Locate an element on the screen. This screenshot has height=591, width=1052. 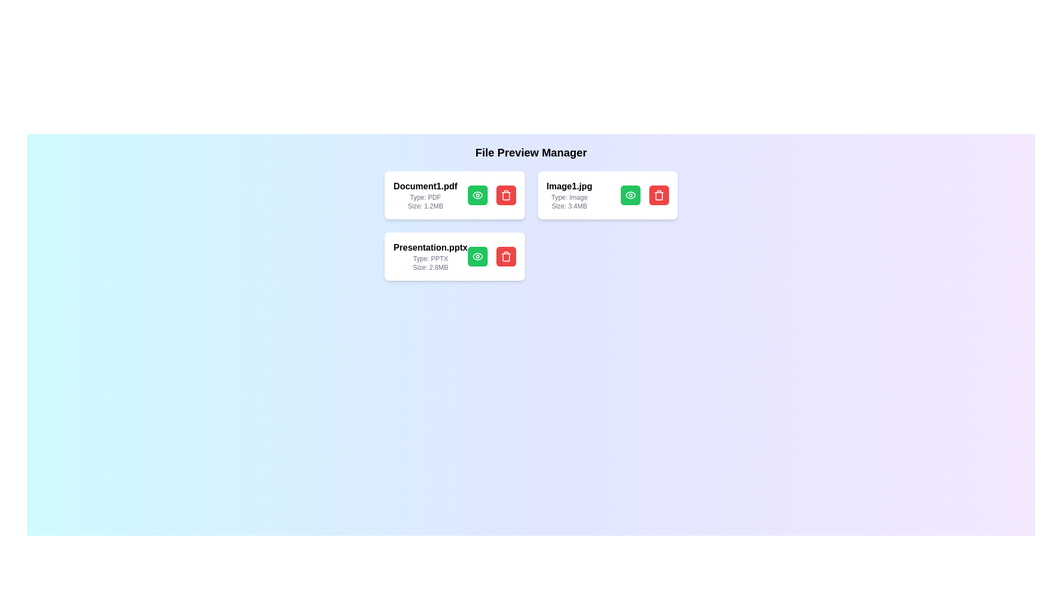
the eye-shaped SVG icon with a green background located within the button at the bottom-left of the 'Presentation.pptx' card is located at coordinates (477, 257).